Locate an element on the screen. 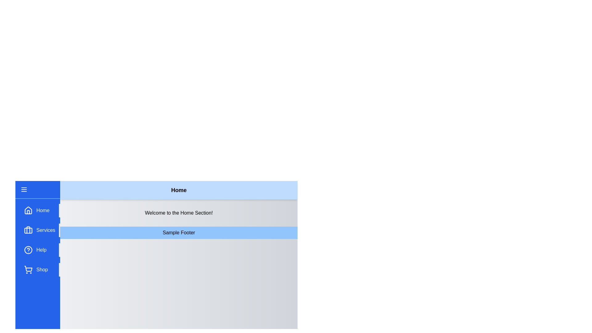 The height and width of the screenshot is (333, 592). the header section label that identifies the content of the following section, located at the top of the vertical stack above the 'Welcome to the Home Section!' text is located at coordinates (179, 190).